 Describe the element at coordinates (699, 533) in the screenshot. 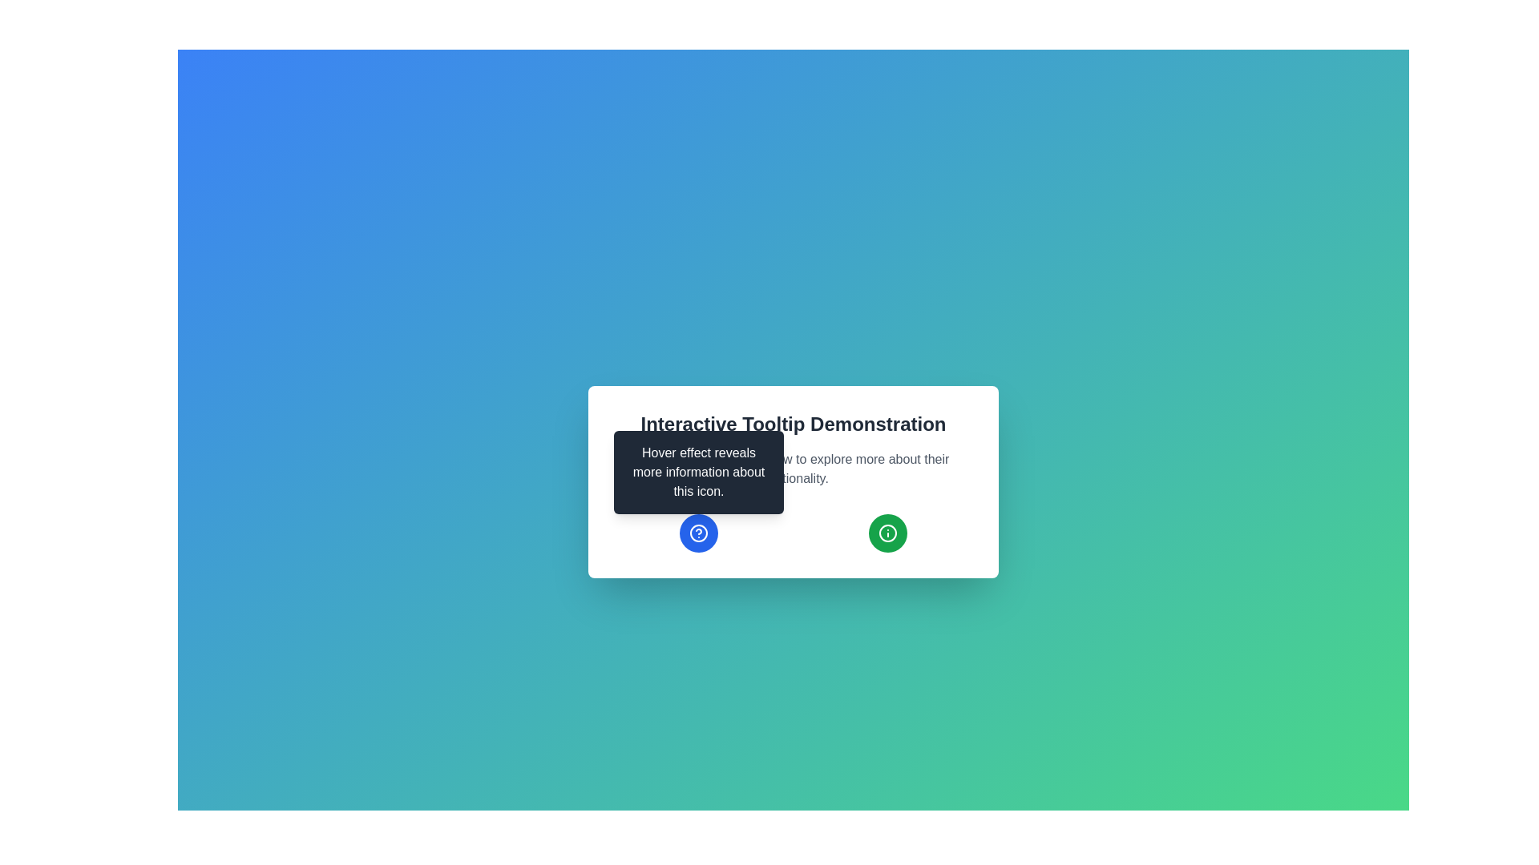

I see `the interactive help button located at the center bottom of the informative card, which reveals additional tooltip information when hovered over` at that location.